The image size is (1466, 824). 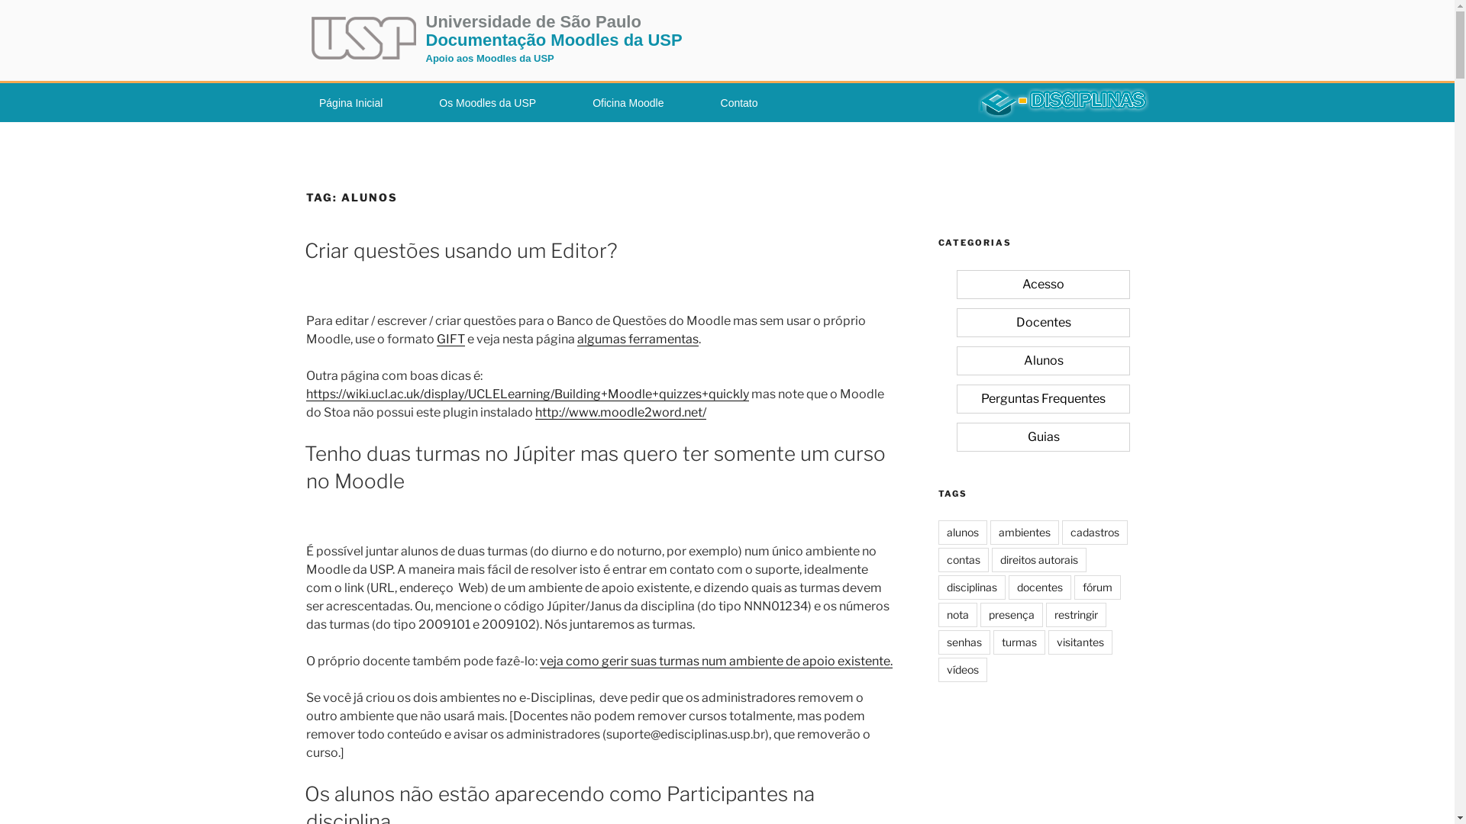 What do you see at coordinates (1042, 437) in the screenshot?
I see `'Guias'` at bounding box center [1042, 437].